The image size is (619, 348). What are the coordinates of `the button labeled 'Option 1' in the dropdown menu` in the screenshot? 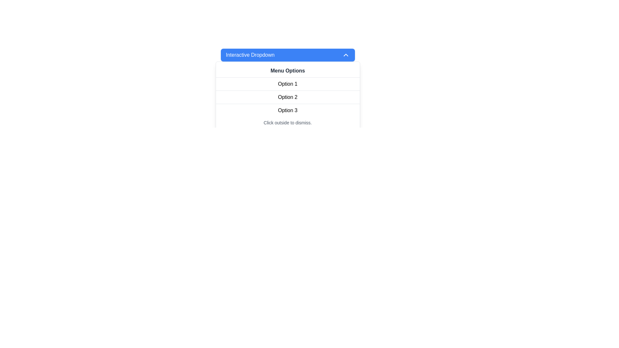 It's located at (287, 84).